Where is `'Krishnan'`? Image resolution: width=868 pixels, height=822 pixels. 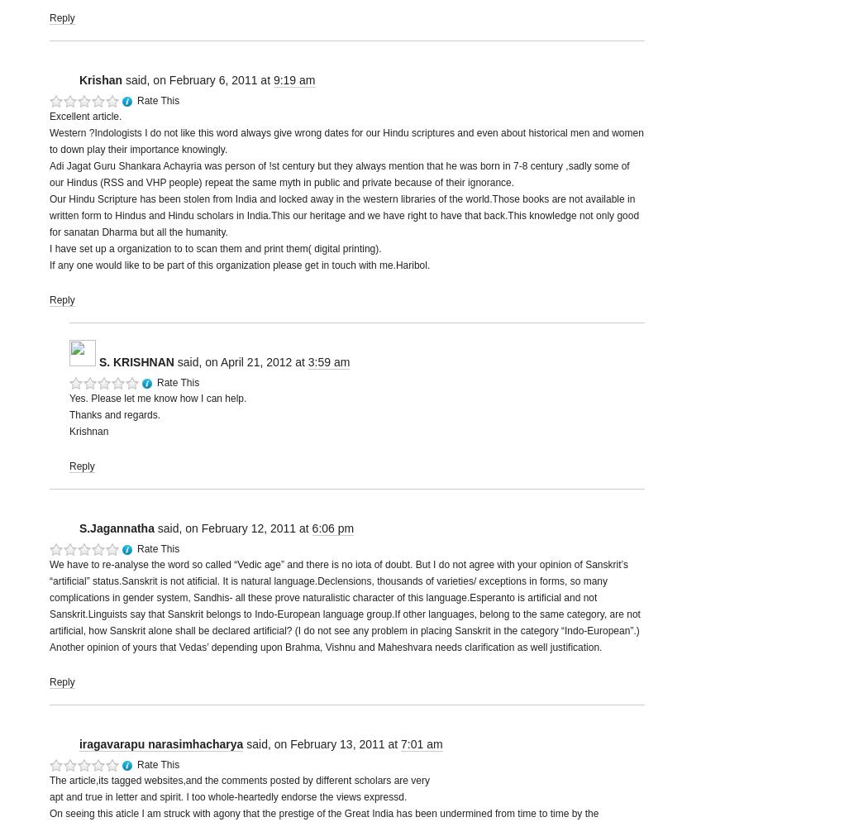 'Krishnan' is located at coordinates (88, 432).